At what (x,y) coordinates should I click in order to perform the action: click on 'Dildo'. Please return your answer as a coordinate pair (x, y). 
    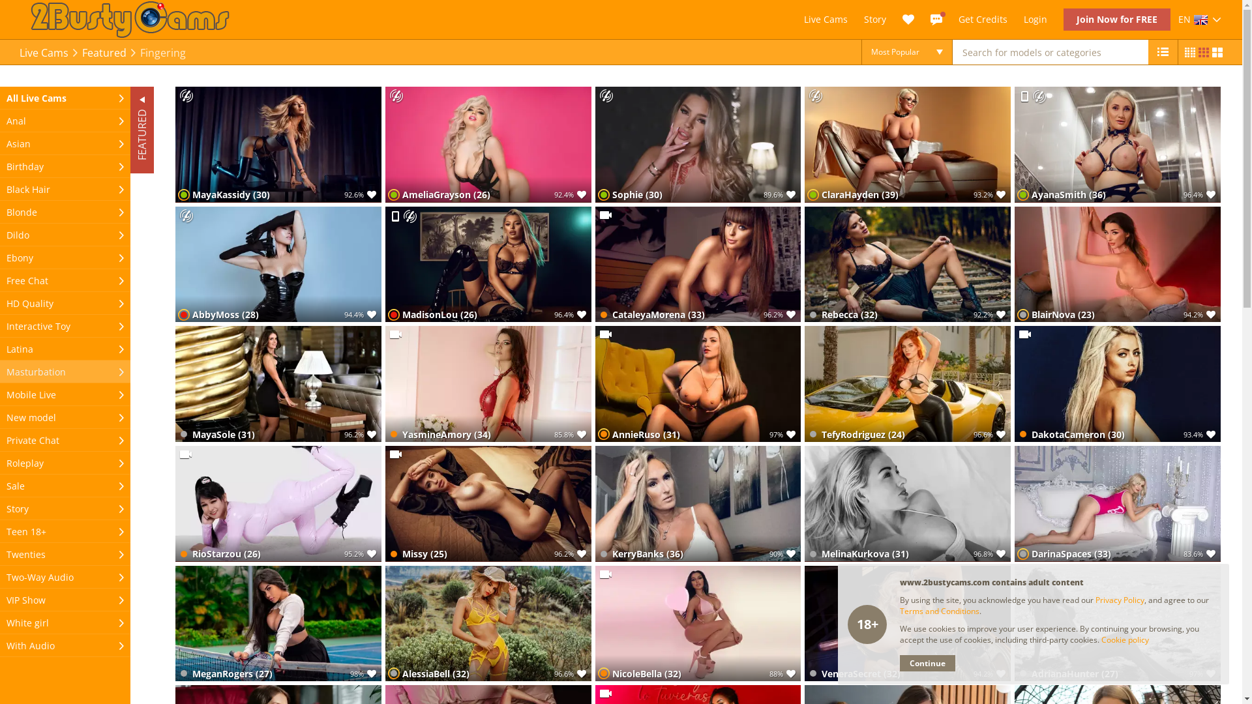
    Looking at the image, I should click on (0, 235).